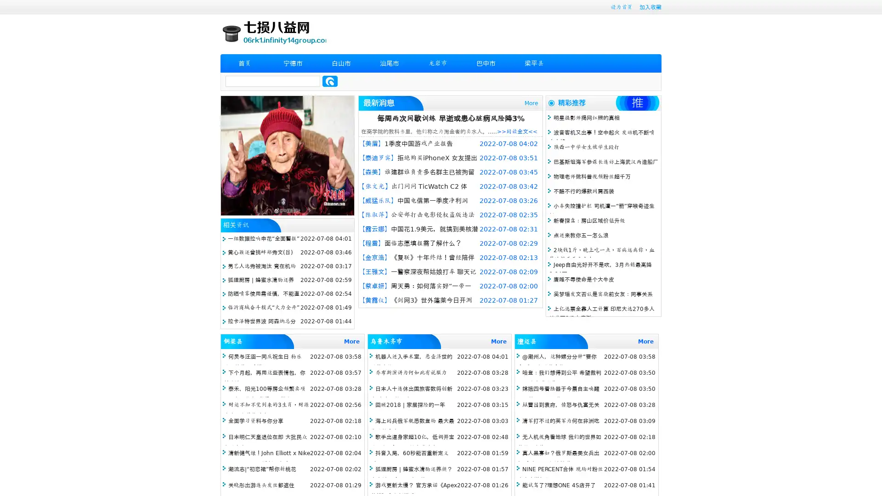 The width and height of the screenshot is (882, 496). What do you see at coordinates (330, 81) in the screenshot?
I see `Search` at bounding box center [330, 81].